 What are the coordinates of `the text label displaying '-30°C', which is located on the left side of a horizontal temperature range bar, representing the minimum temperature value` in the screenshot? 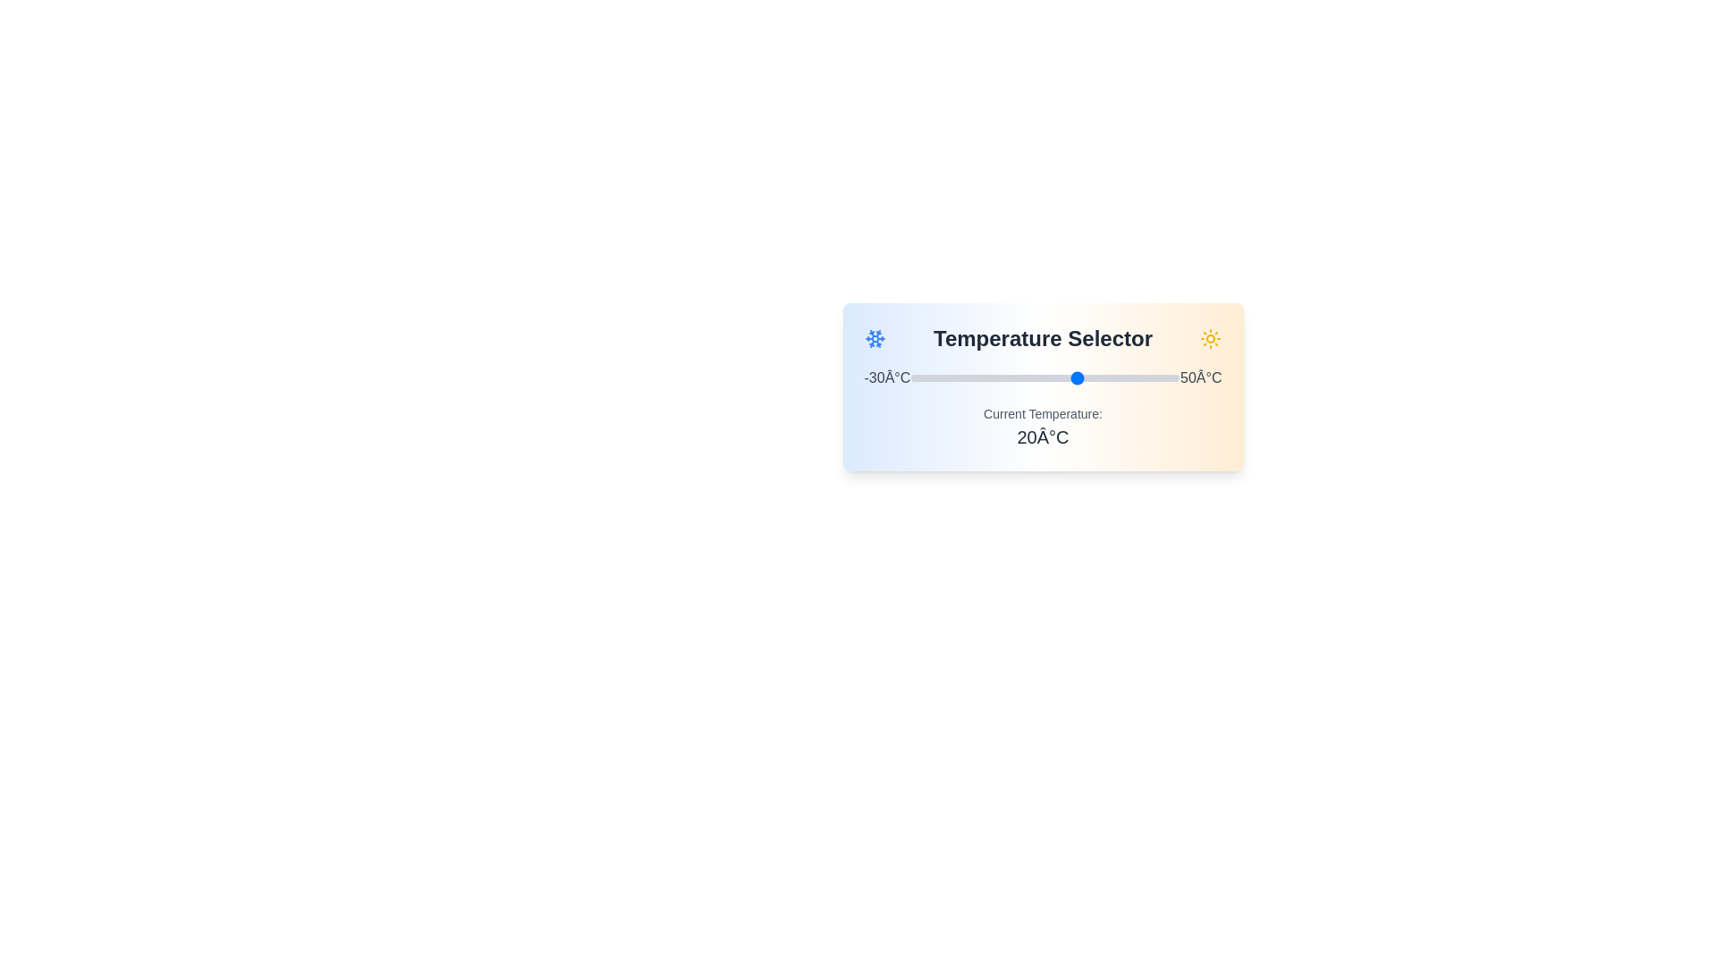 It's located at (887, 377).